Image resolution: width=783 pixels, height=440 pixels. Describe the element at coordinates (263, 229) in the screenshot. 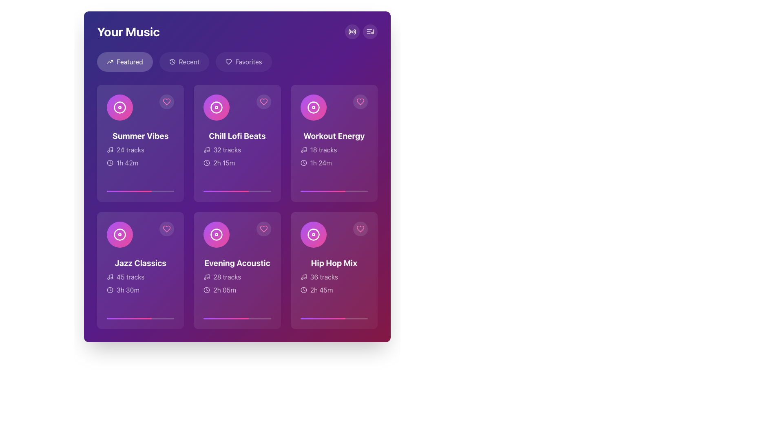

I see `the outlined heart icon in light pink located at the top-right corner of the 'Evening Acoustic' music card` at that location.